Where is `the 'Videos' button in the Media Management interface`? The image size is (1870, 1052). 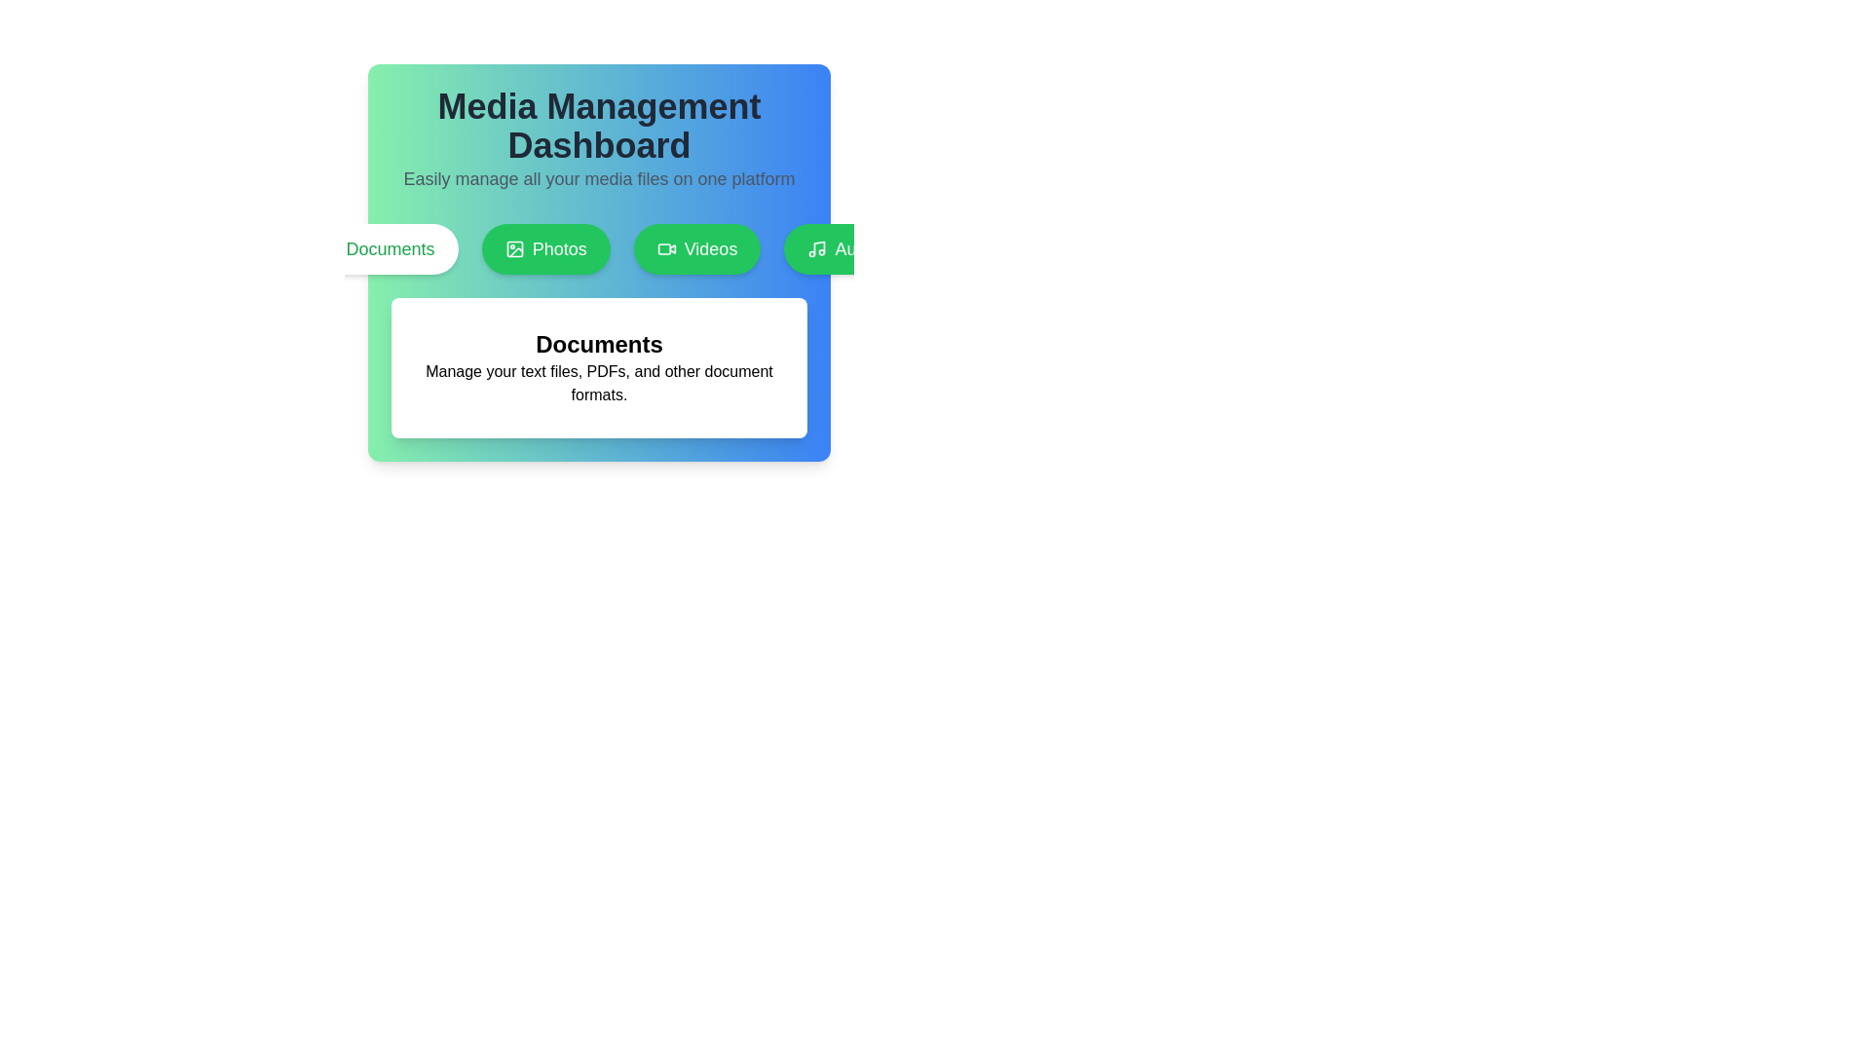
the 'Videos' button in the Media Management interface is located at coordinates (696, 247).